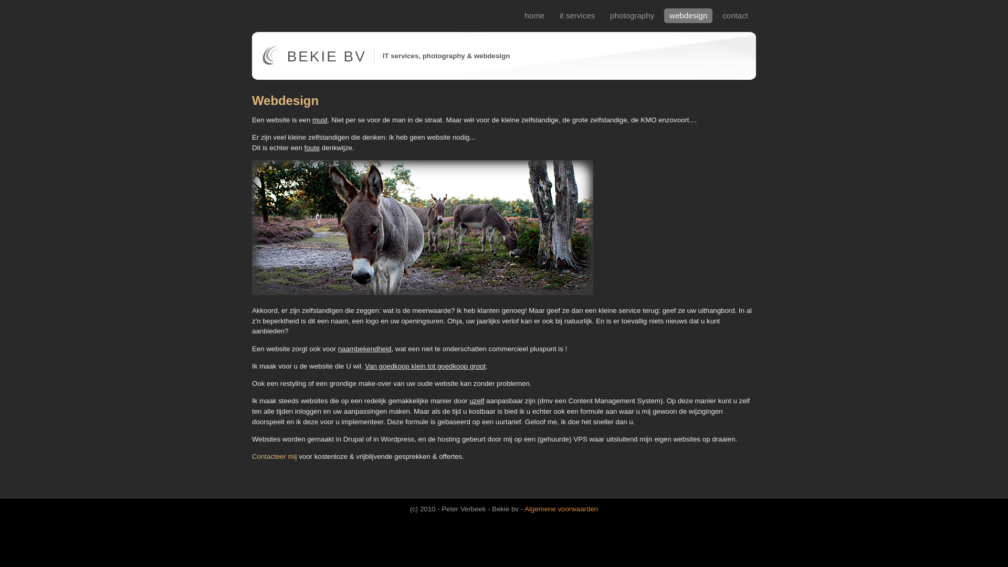 The image size is (1008, 567). Describe the element at coordinates (561, 508) in the screenshot. I see `'Algemene voorwaarden'` at that location.